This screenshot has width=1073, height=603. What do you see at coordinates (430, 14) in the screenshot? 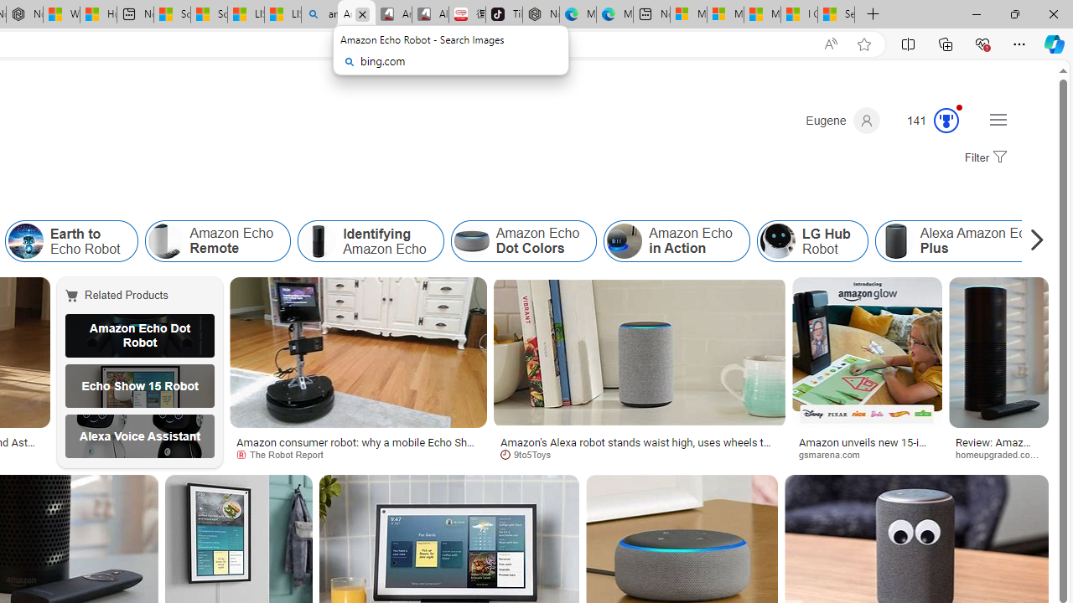
I see `'All Cubot phones'` at bounding box center [430, 14].